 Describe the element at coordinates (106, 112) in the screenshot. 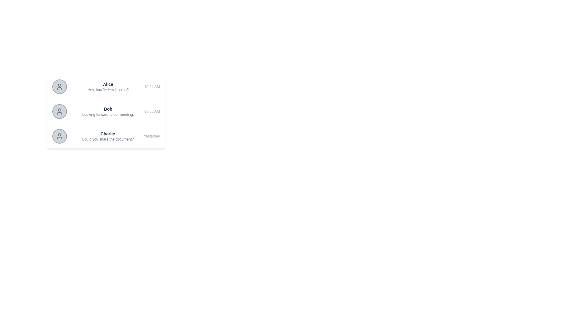

I see `the second list item that displays a user message with identification information, located between 'Alice' and 'Charlie'` at that location.